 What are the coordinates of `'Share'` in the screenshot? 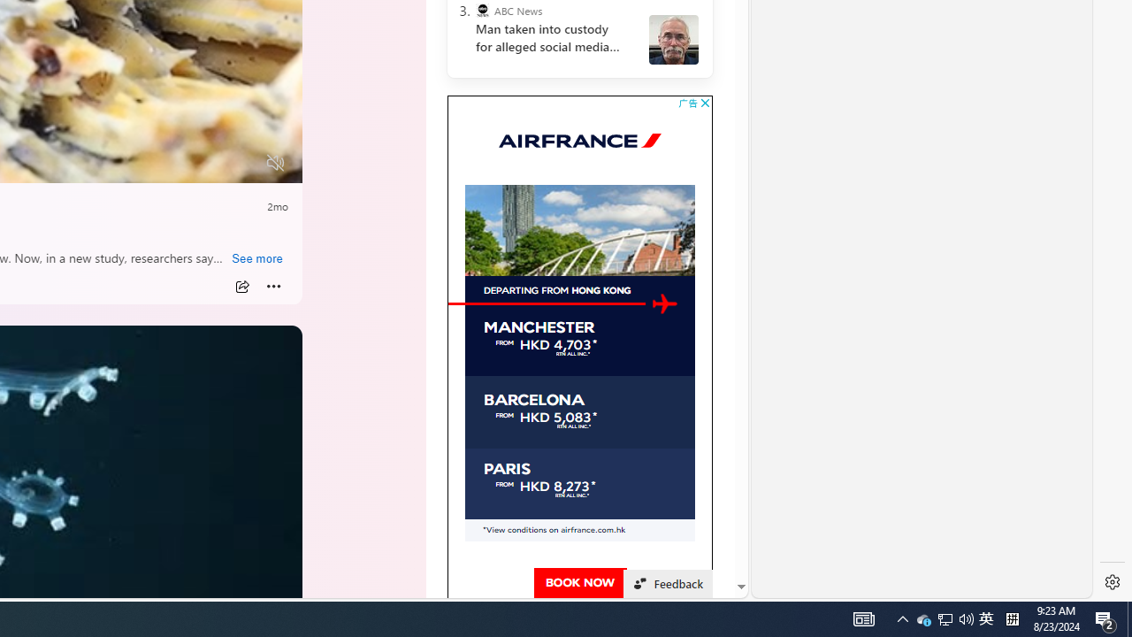 It's located at (241, 286).